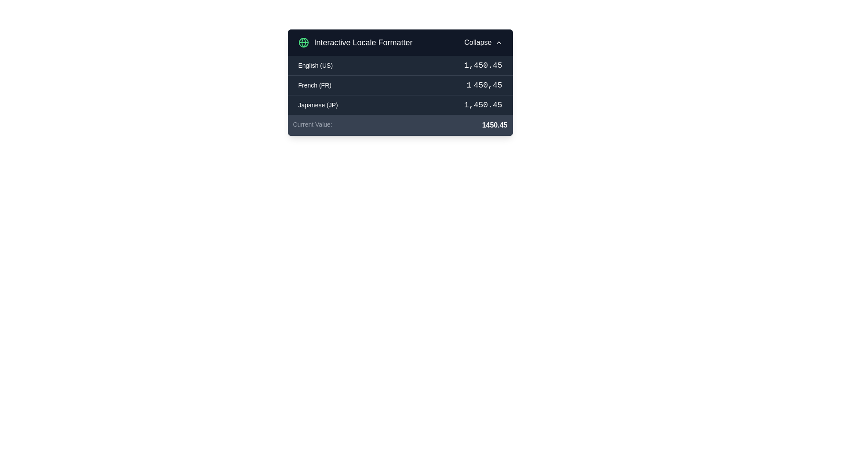 This screenshot has width=844, height=475. What do you see at coordinates (313, 125) in the screenshot?
I see `the static text label that serves as a descriptor for the numeric value '1450.45' displayed to its right` at bounding box center [313, 125].